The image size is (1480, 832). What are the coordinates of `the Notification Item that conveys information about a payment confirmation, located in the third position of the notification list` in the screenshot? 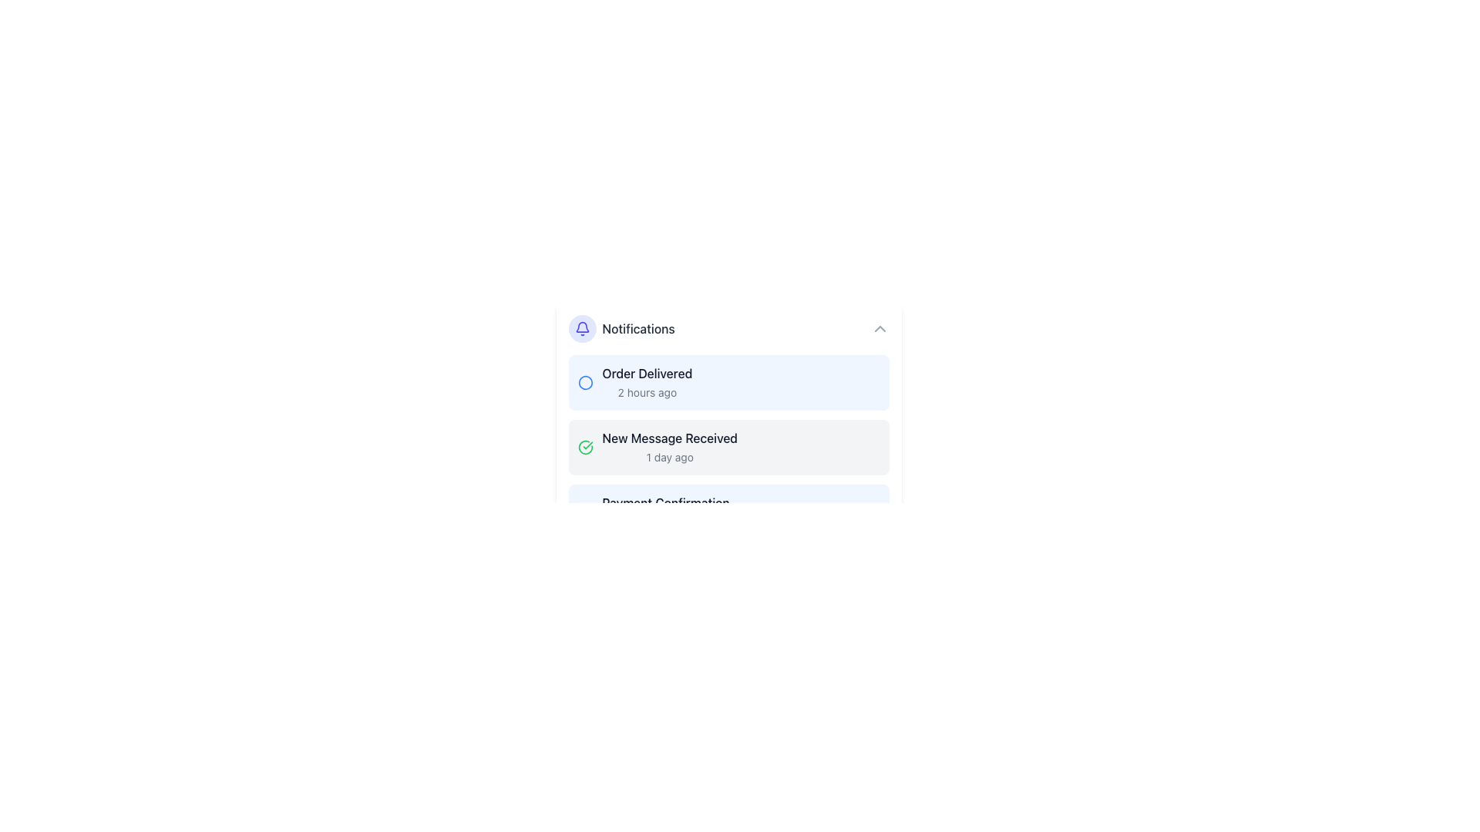 It's located at (728, 512).